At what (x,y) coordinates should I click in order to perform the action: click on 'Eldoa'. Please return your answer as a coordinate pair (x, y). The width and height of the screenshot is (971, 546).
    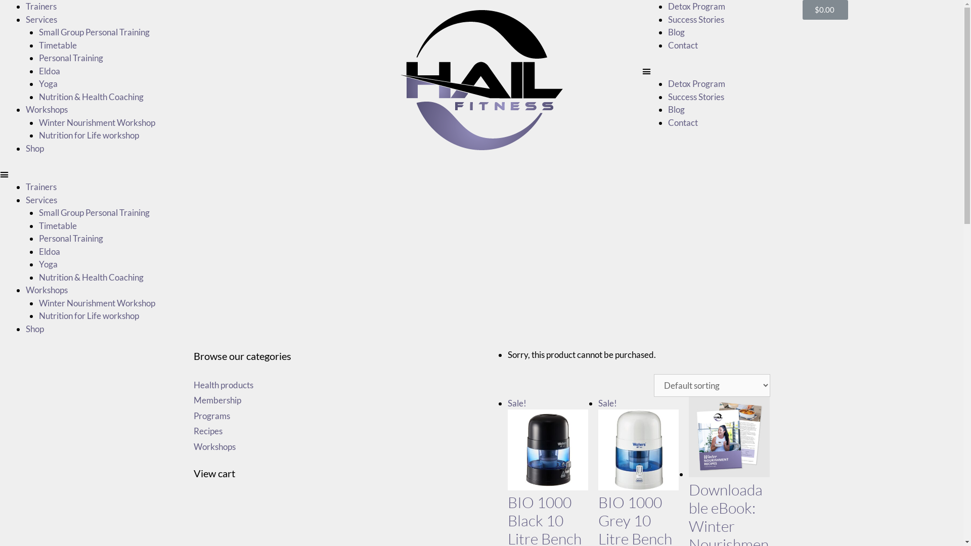
    Looking at the image, I should click on (48, 70).